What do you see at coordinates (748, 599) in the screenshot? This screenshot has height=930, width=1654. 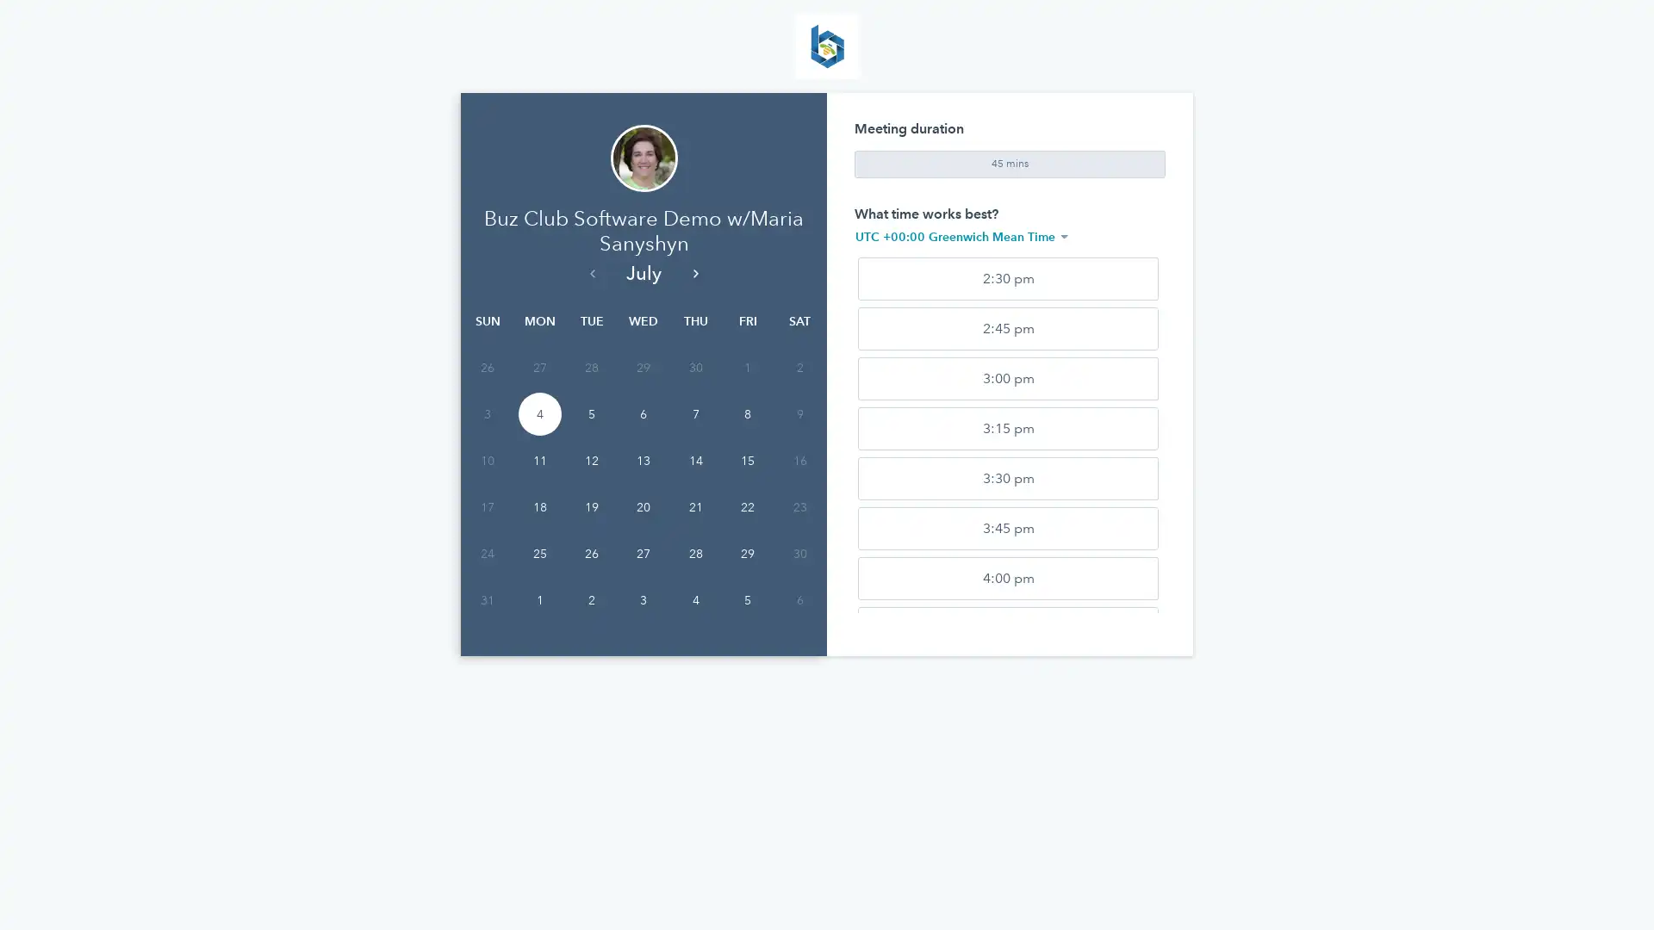 I see `August 5th` at bounding box center [748, 599].